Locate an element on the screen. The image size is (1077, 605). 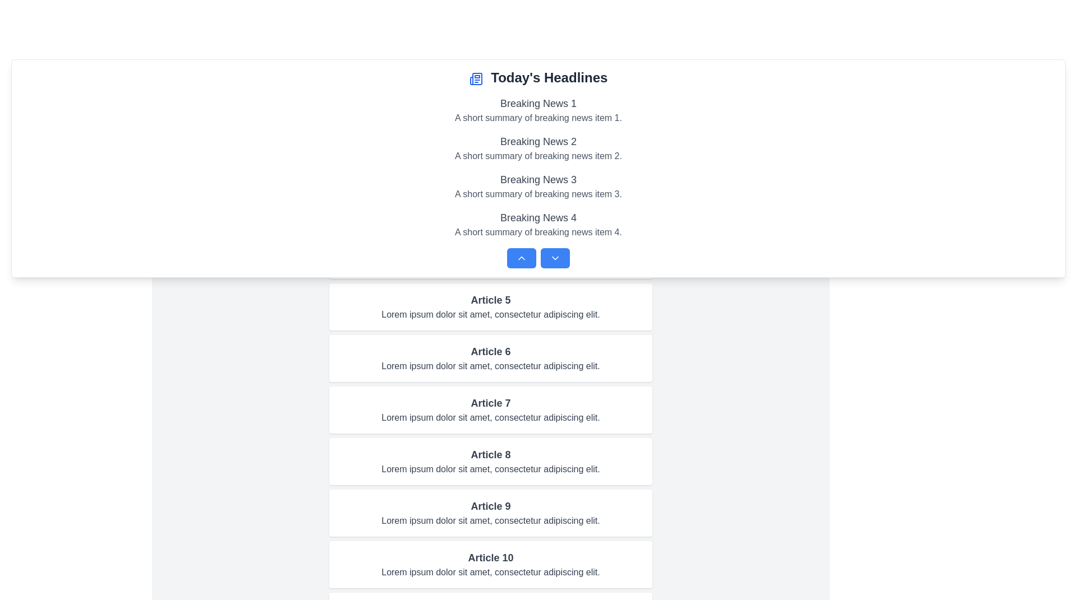
the display card located in the eighth position of a vertically arranged list of article previews is located at coordinates (490, 462).